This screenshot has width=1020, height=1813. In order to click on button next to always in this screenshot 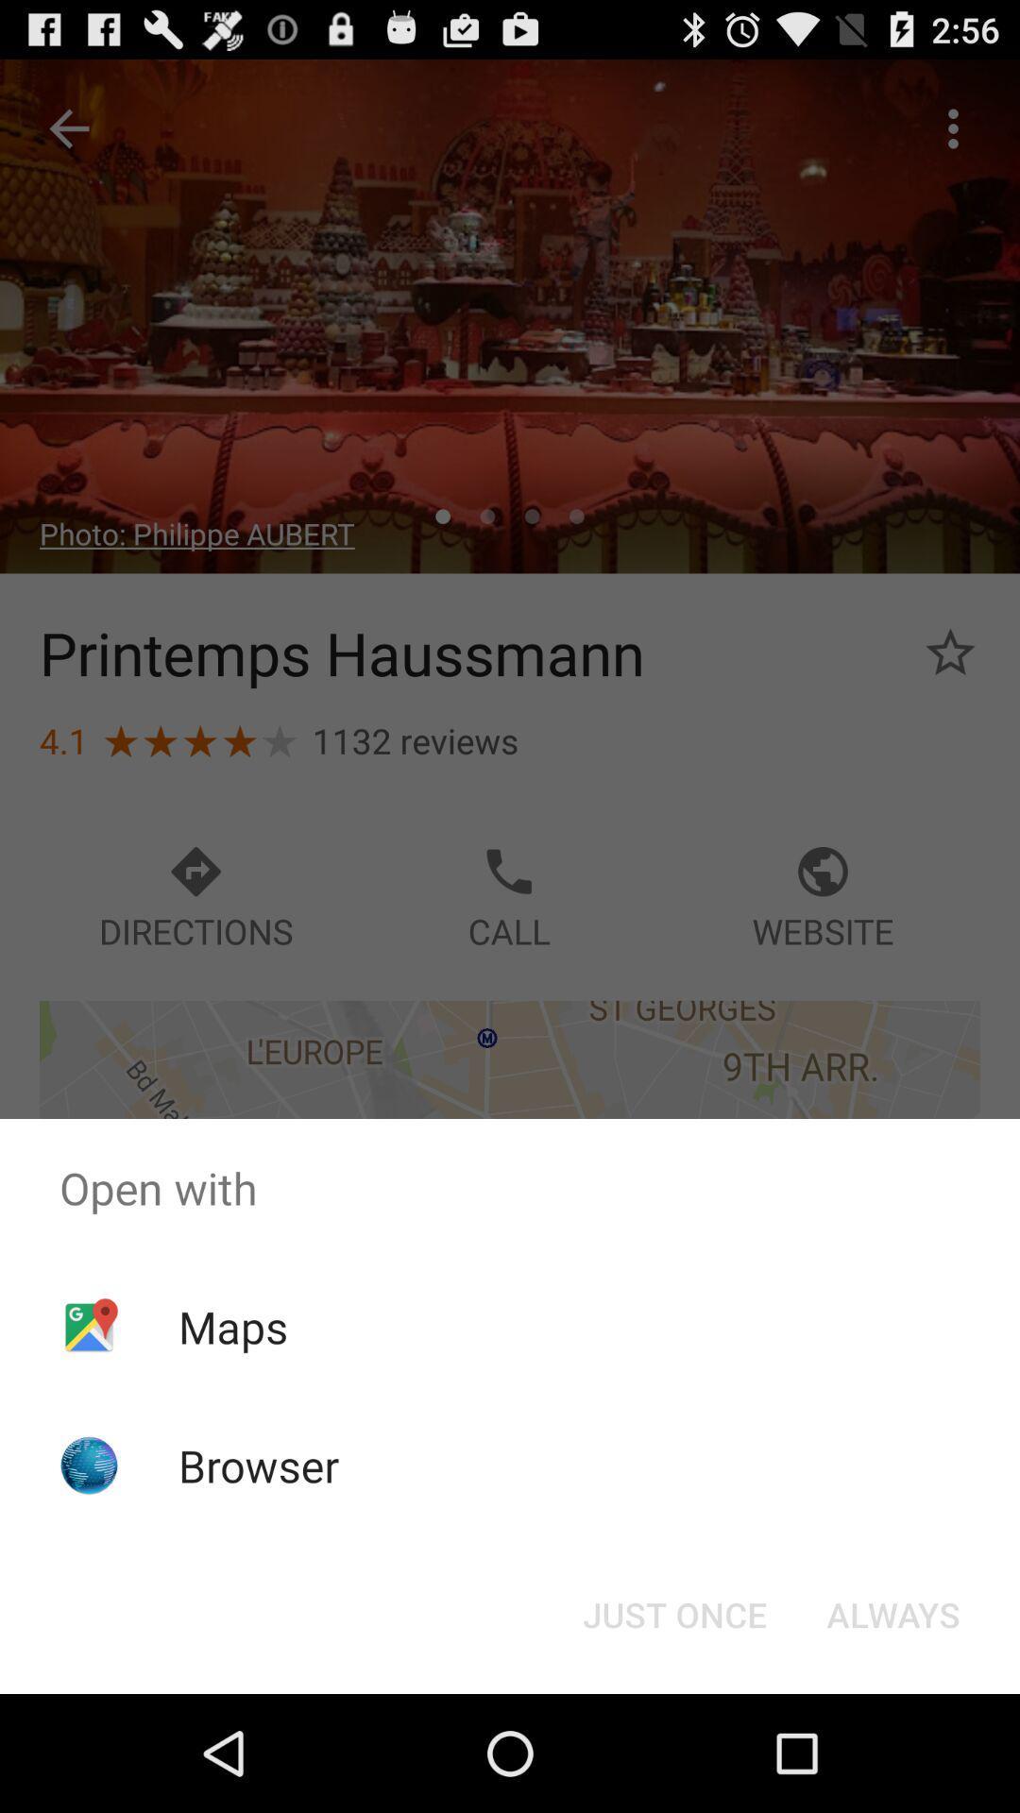, I will do `click(673, 1613)`.